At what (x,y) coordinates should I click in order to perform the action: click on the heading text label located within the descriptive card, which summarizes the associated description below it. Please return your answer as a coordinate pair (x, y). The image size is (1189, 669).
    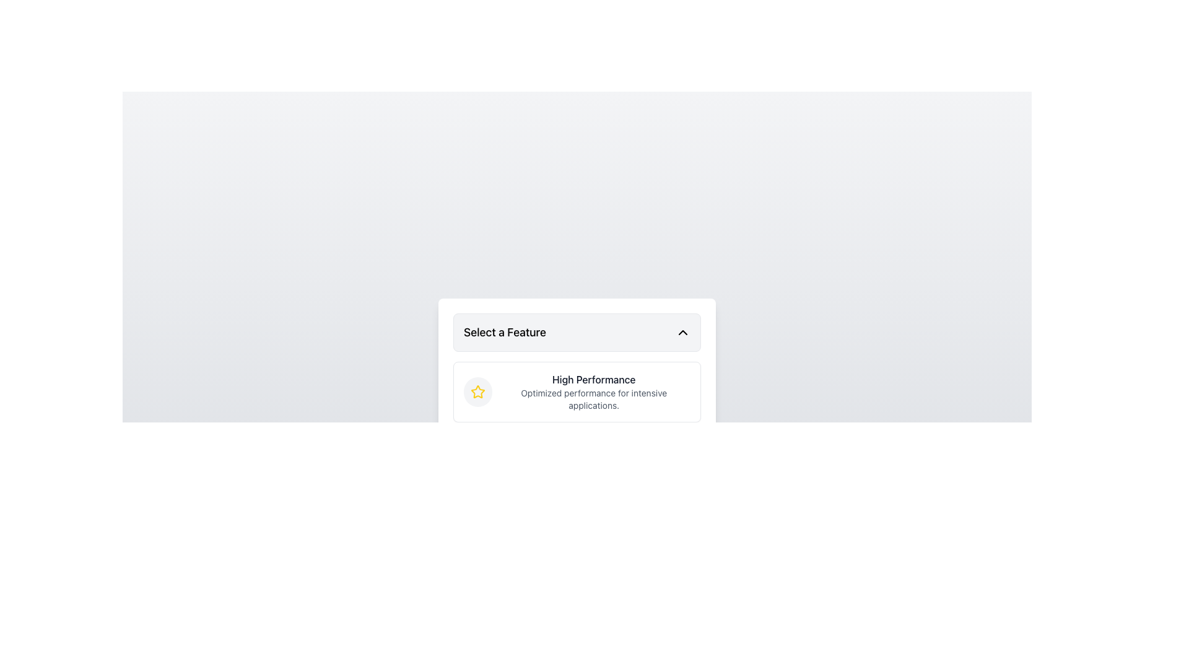
    Looking at the image, I should click on (593, 379).